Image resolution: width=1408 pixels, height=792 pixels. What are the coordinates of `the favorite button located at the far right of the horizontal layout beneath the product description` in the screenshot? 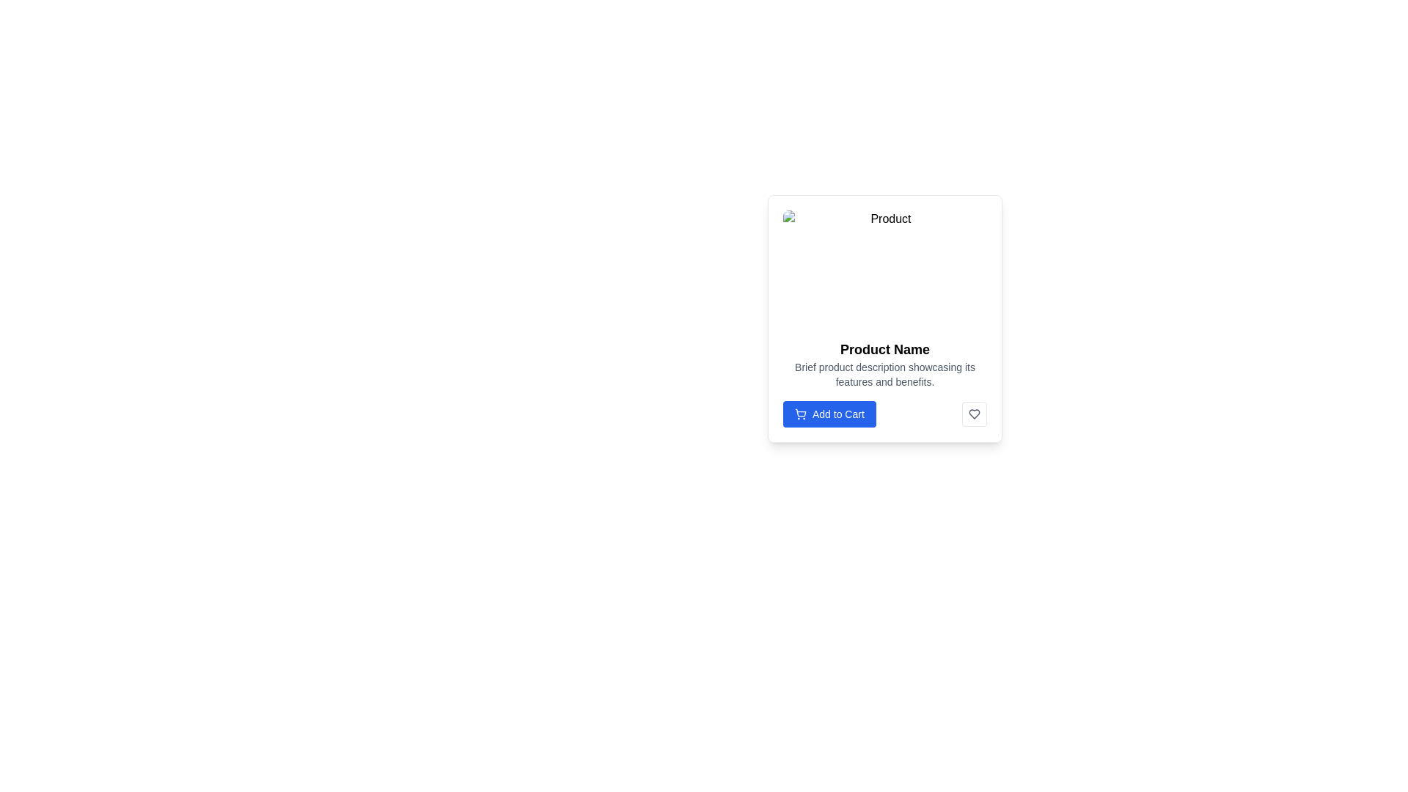 It's located at (975, 414).